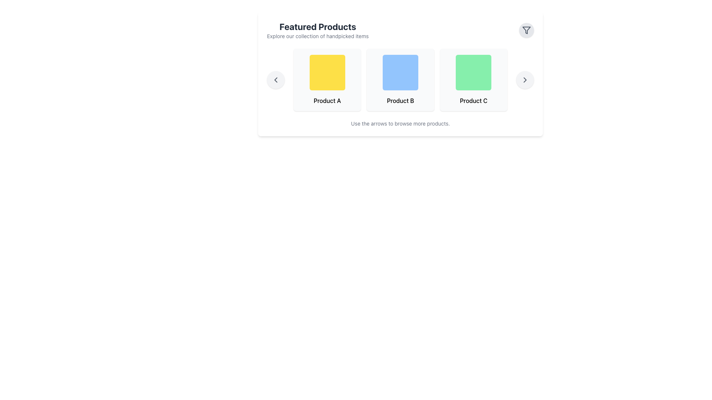  Describe the element at coordinates (276, 80) in the screenshot. I see `the chevron icon within the circular button on the left side of the product display carousel to scroll left through the list of products` at that location.